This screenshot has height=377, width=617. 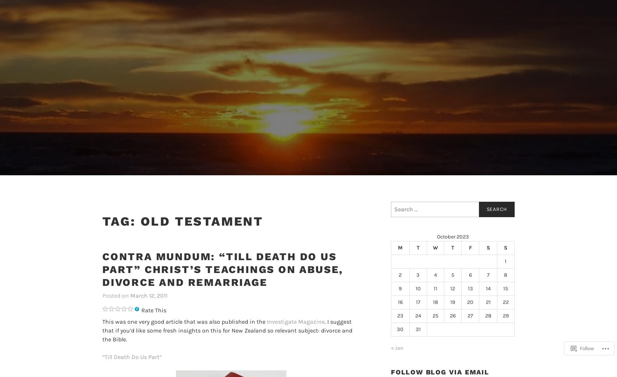 What do you see at coordinates (439, 371) in the screenshot?
I see `'Follow Blog via Email'` at bounding box center [439, 371].